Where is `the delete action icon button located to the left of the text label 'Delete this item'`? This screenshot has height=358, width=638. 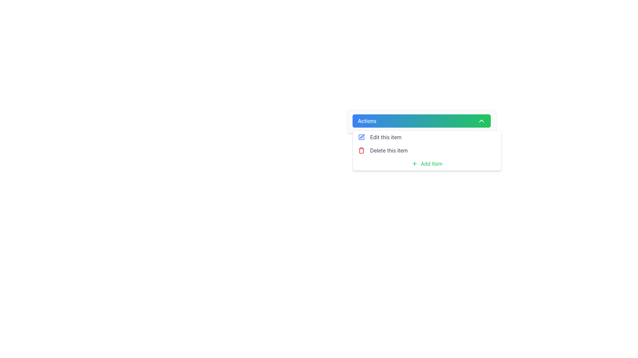 the delete action icon button located to the left of the text label 'Delete this item' is located at coordinates (361, 150).